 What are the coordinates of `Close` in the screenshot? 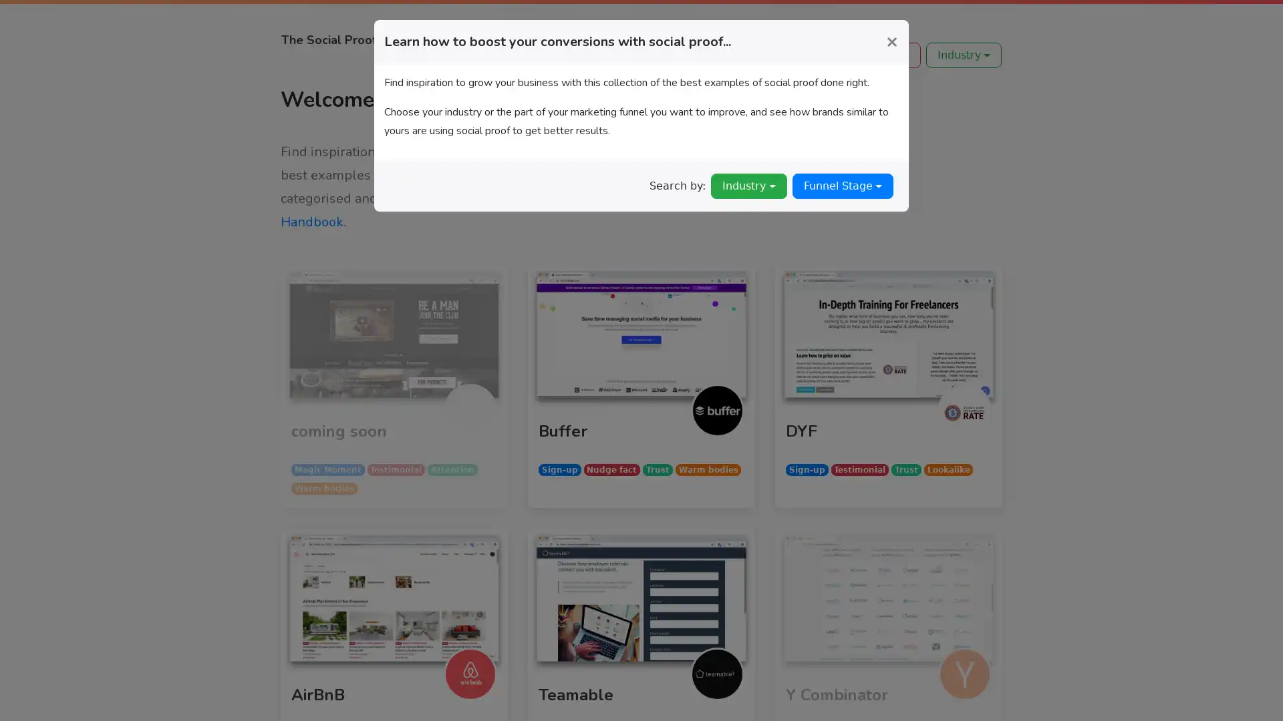 It's located at (891, 40).